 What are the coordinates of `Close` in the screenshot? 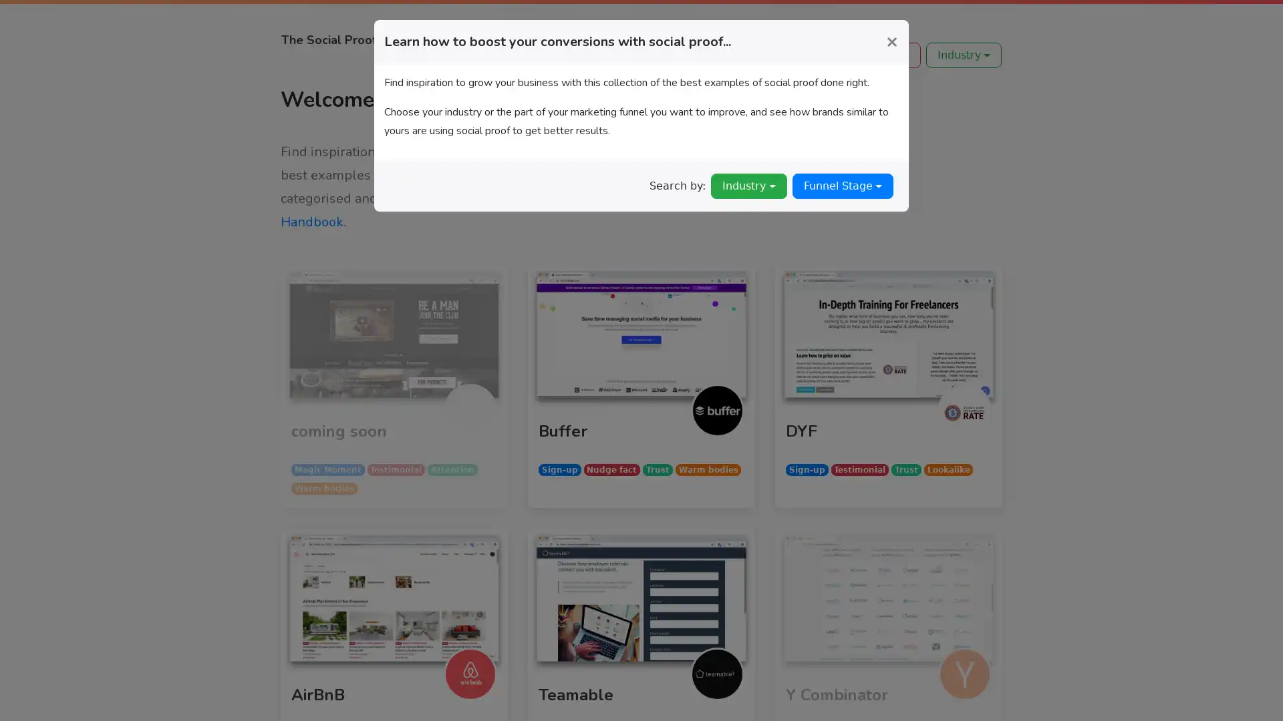 It's located at (891, 40).